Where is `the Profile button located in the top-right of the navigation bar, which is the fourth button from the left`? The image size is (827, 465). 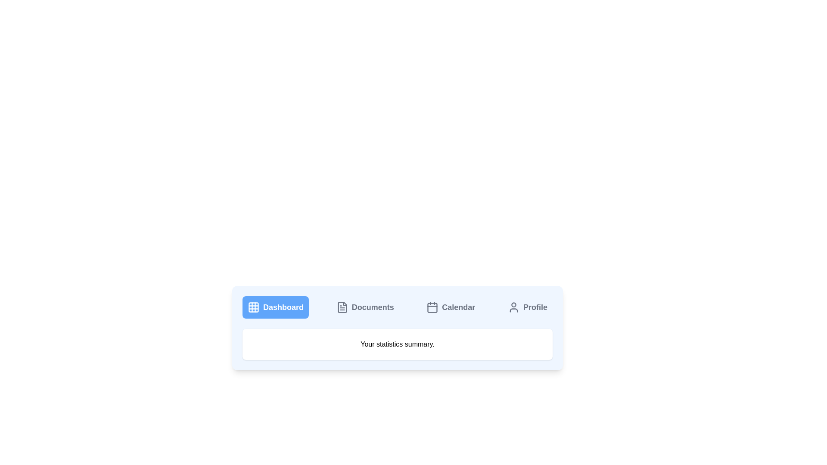 the Profile button located in the top-right of the navigation bar, which is the fourth button from the left is located at coordinates (527, 307).